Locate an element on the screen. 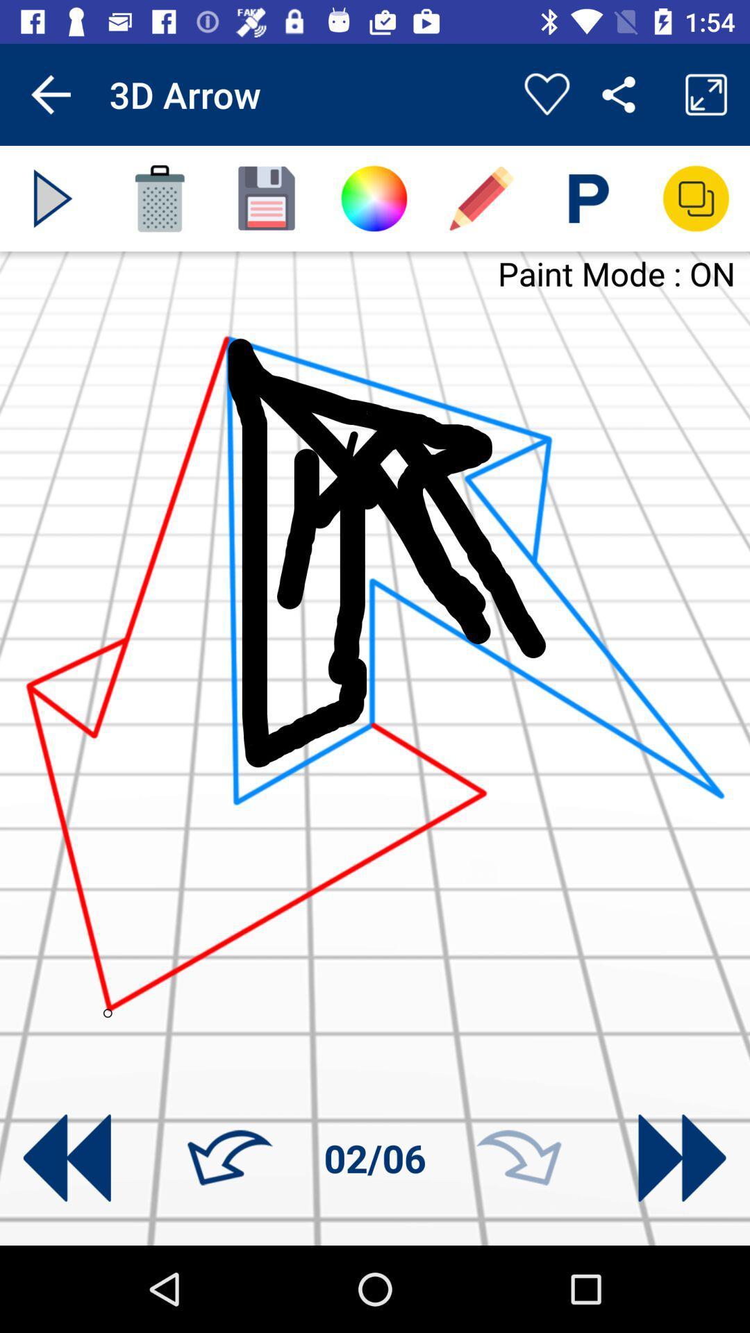  swith to drawing pencil is located at coordinates (481, 198).